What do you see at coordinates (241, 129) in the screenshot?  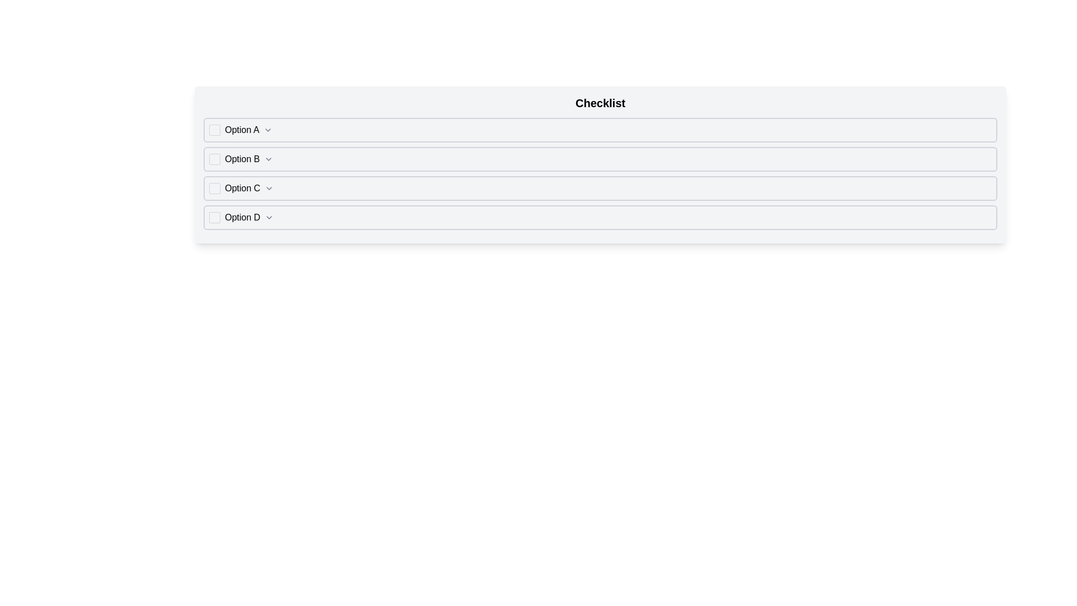 I see `the text label that identifies option 'A' in the checklist, which is positioned immediately to the right of the checkbox and to the left of the chevron icon` at bounding box center [241, 129].